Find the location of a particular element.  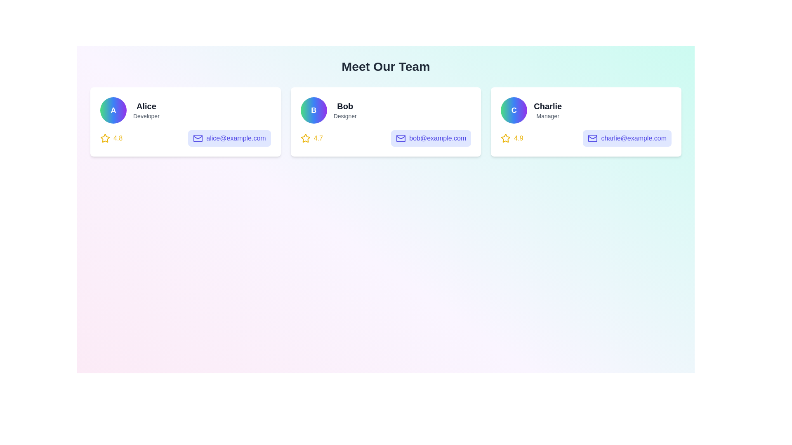

the decorative icon or rating indicator located in the second card for 'Bob', near the bottom-left corner, just above the email address button and adjacent to the numerical rating value of '4.7' is located at coordinates (305, 138).